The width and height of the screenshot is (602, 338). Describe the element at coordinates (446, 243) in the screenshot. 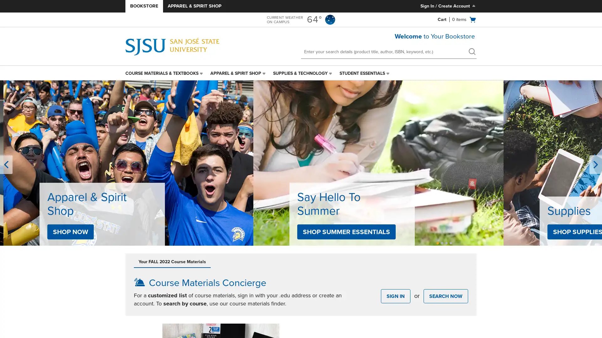

I see `Unselected, Slide 3` at that location.